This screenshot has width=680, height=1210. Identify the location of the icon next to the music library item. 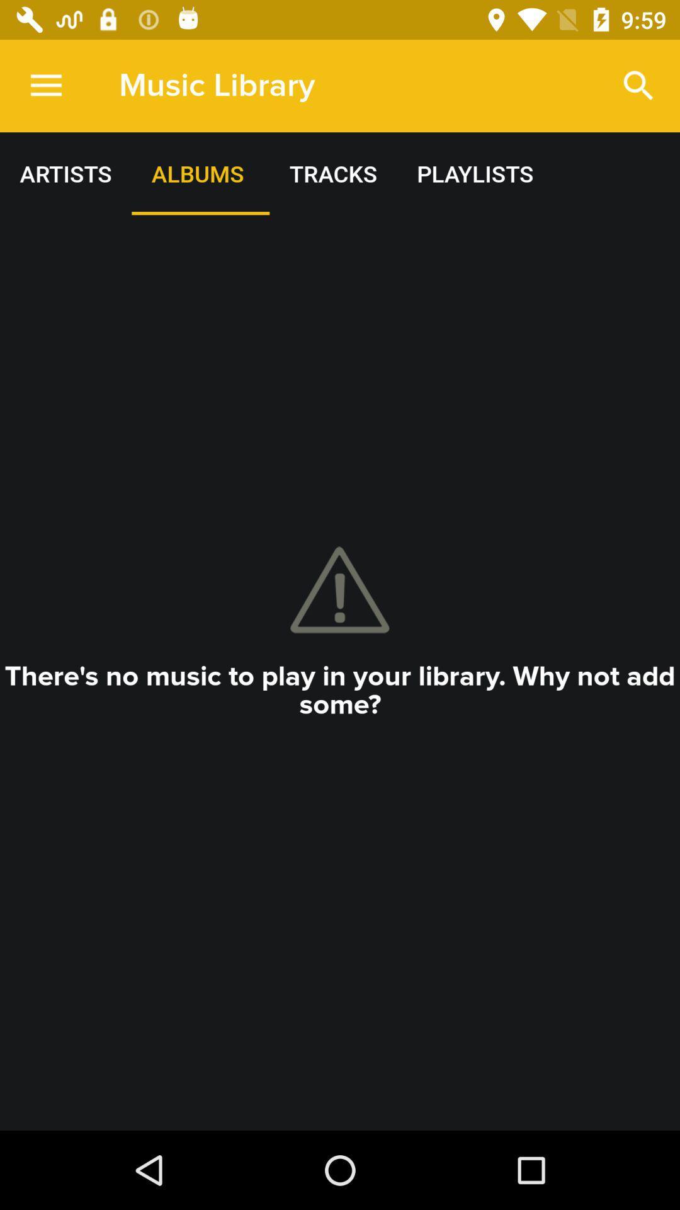
(638, 85).